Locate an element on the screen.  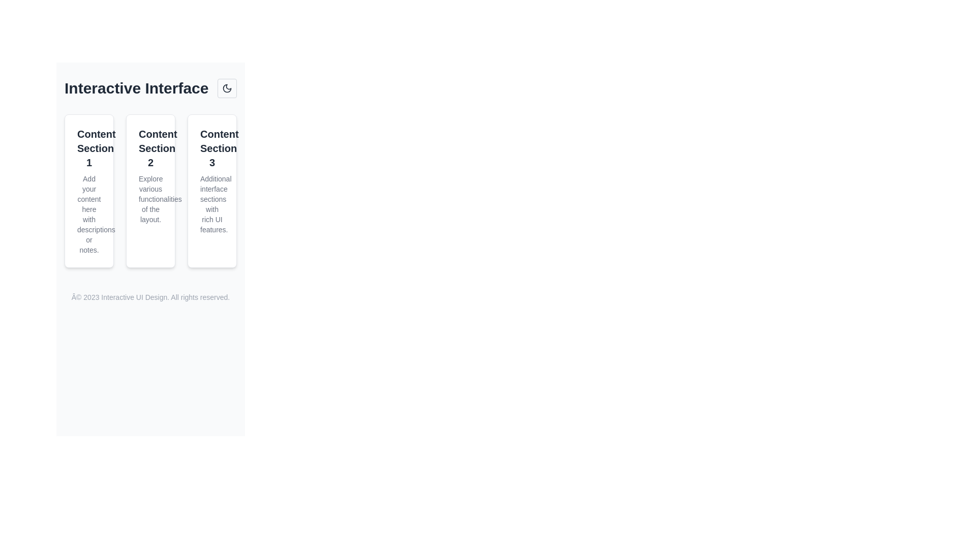
the Informational card located in the third column from the left in a three-column grid layout, positioned on the rightmost side of the visible layout is located at coordinates (211, 191).